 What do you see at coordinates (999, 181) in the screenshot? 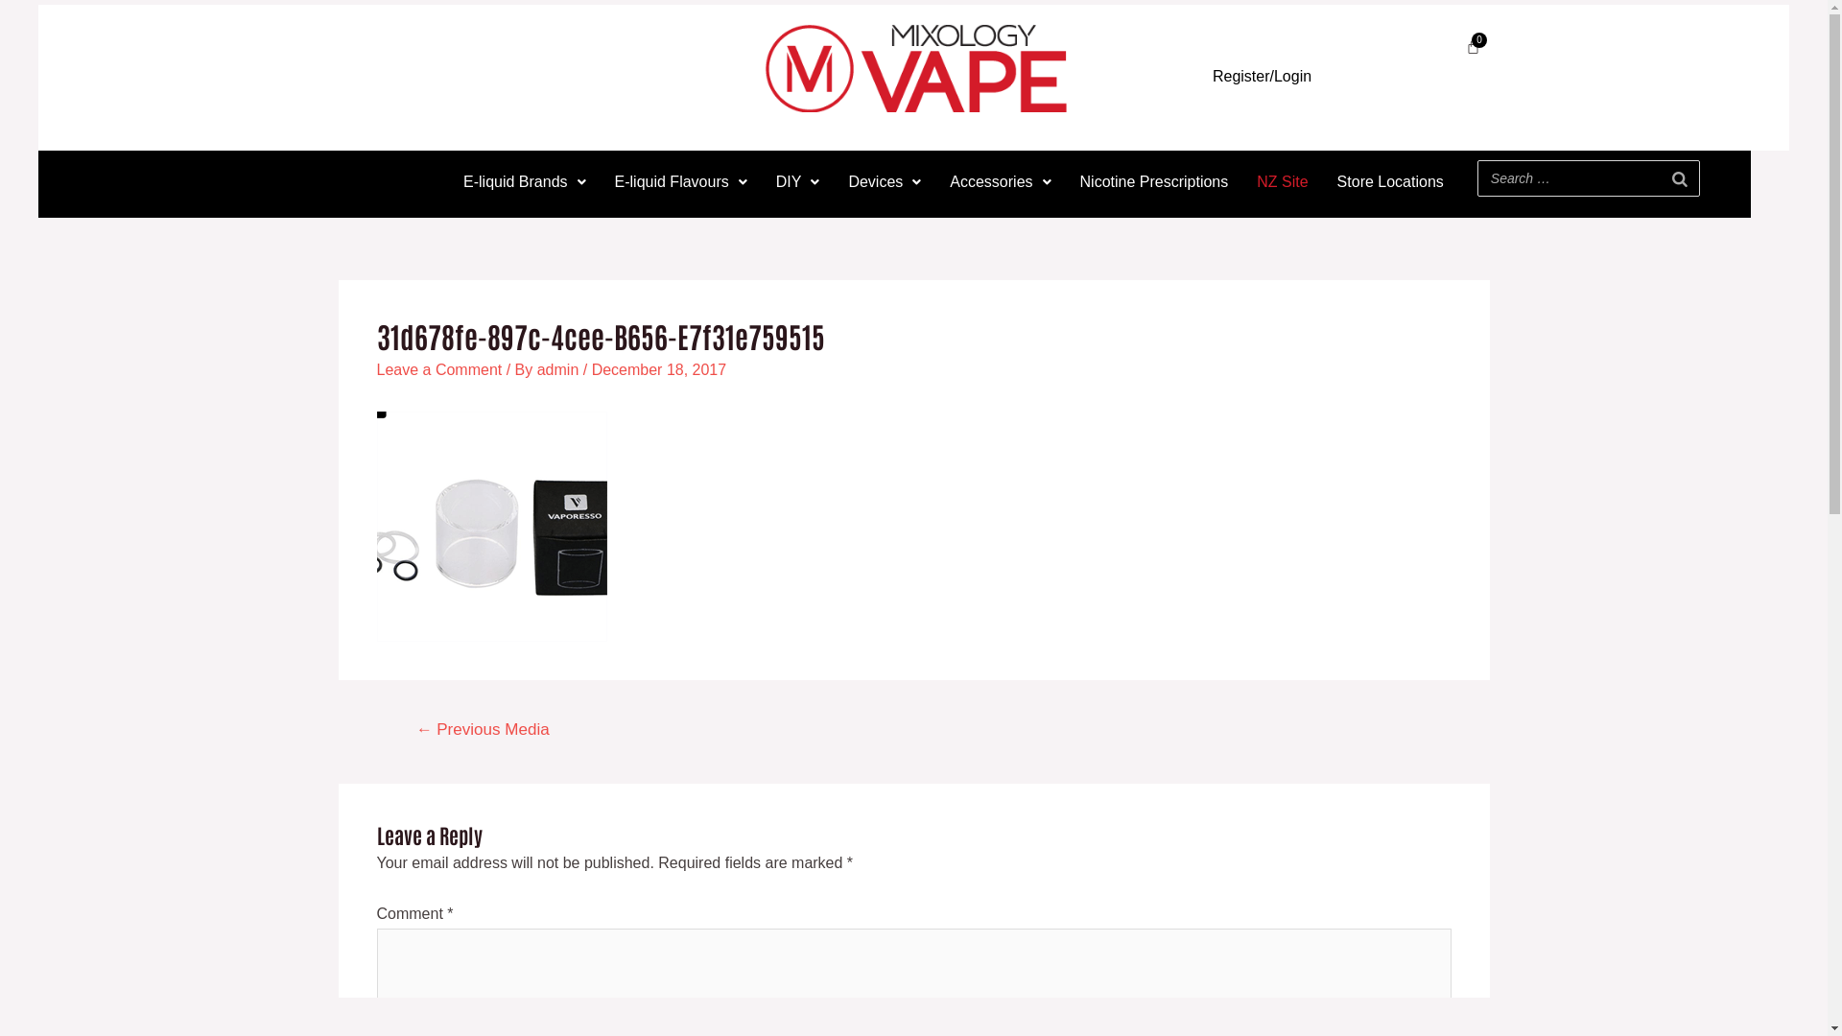
I see `'Accessories'` at bounding box center [999, 181].